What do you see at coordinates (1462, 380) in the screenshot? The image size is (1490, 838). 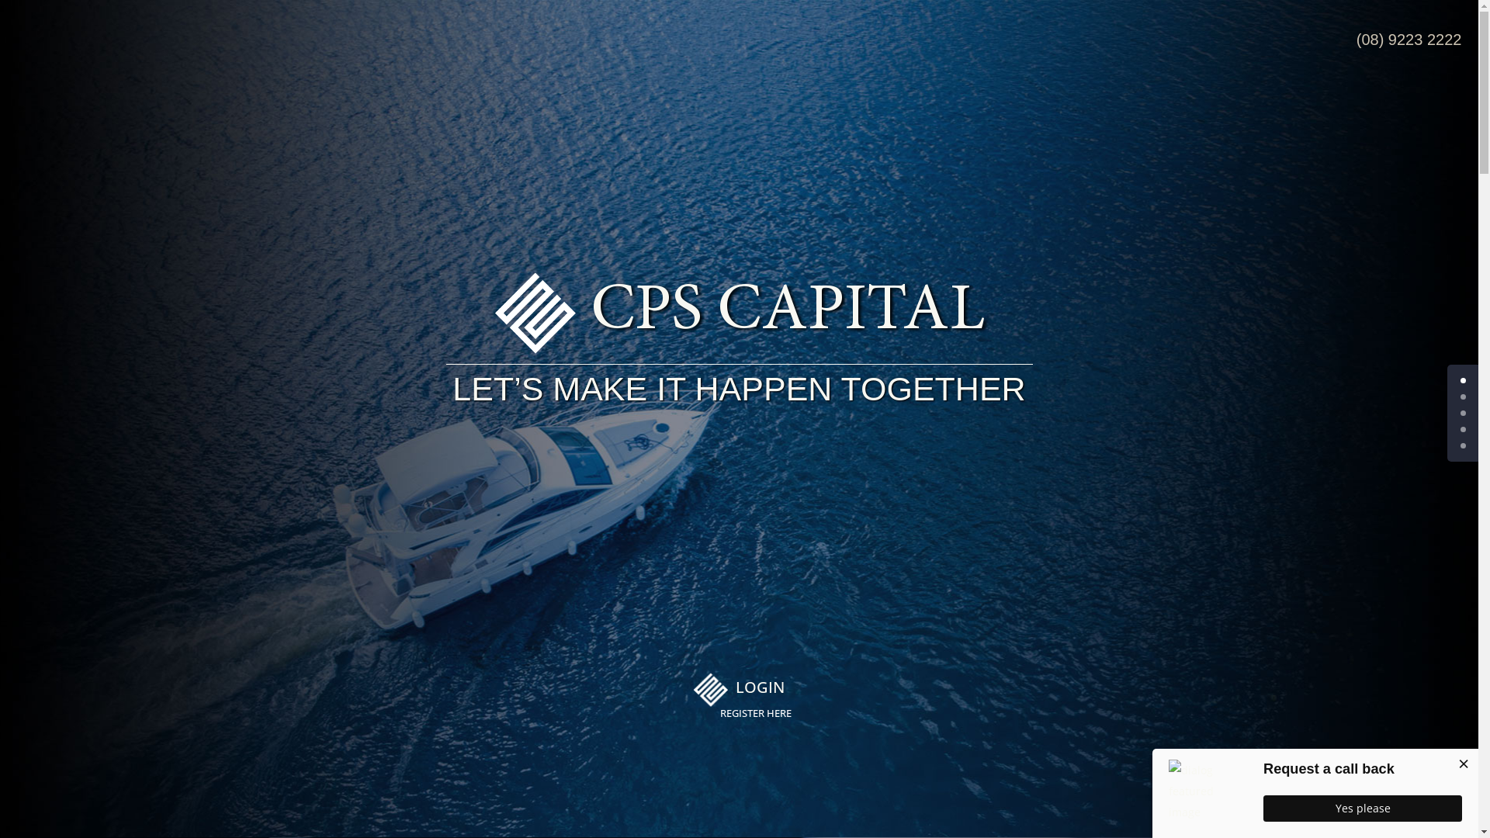 I see `'0'` at bounding box center [1462, 380].